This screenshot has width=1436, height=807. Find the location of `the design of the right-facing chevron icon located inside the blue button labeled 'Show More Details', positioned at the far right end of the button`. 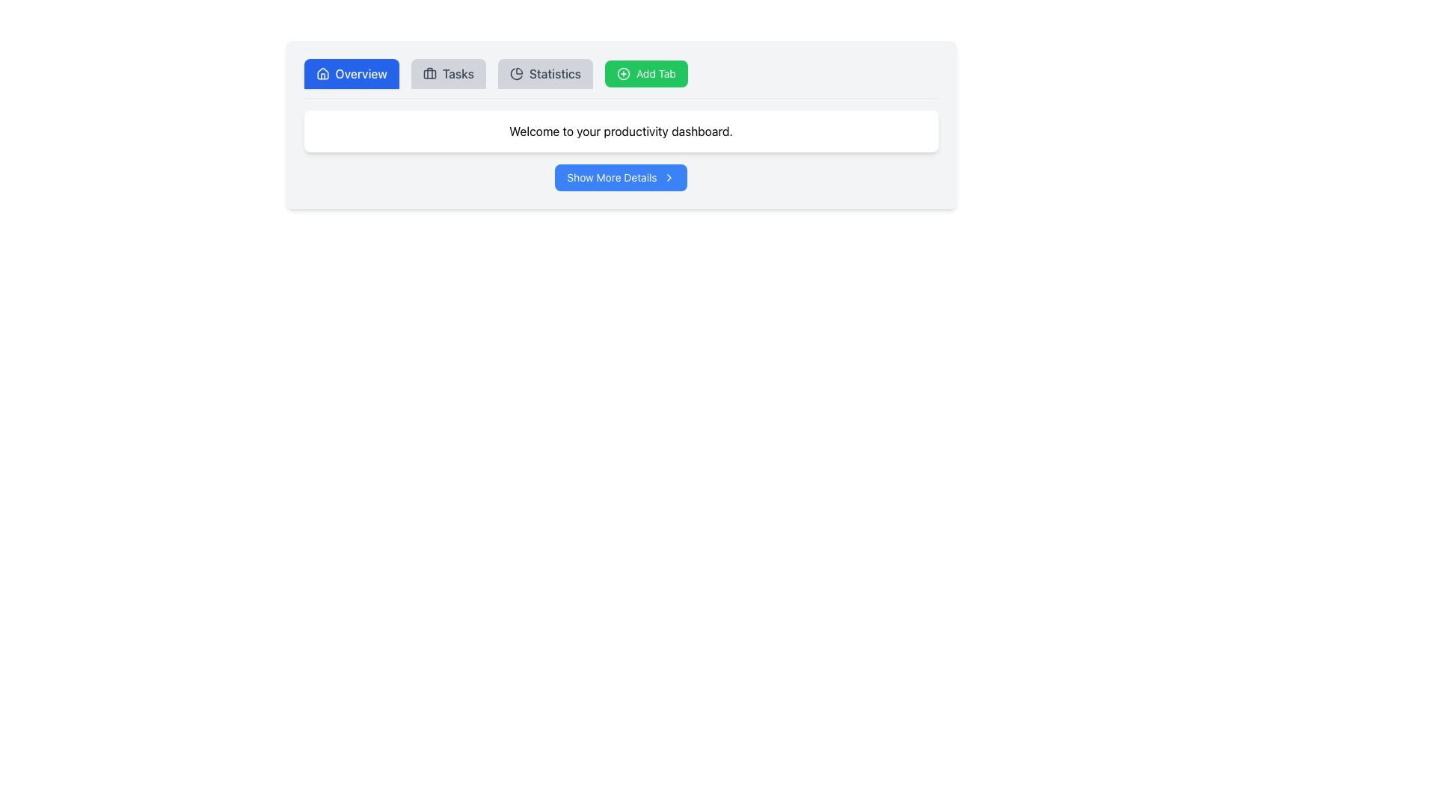

the design of the right-facing chevron icon located inside the blue button labeled 'Show More Details', positioned at the far right end of the button is located at coordinates (668, 177).